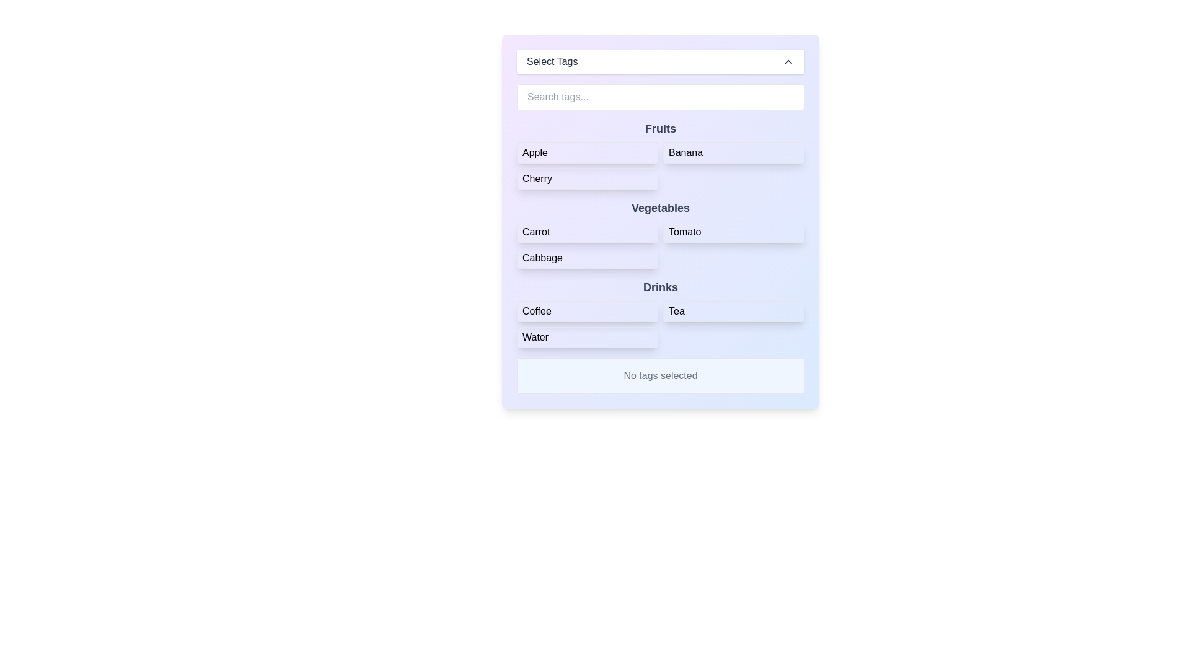 The height and width of the screenshot is (669, 1190). I want to click on the interactive button grid for selecting items under the 'Fruits' category, located near the top of the interface beneath the 'Search tags...' input field, so click(659, 154).